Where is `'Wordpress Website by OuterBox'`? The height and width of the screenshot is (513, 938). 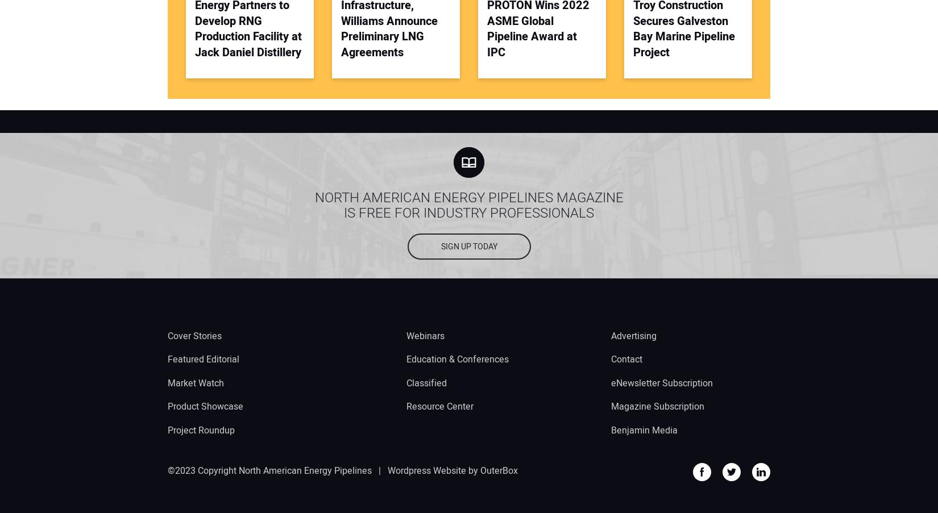
'Wordpress Website by OuterBox' is located at coordinates (452, 469).